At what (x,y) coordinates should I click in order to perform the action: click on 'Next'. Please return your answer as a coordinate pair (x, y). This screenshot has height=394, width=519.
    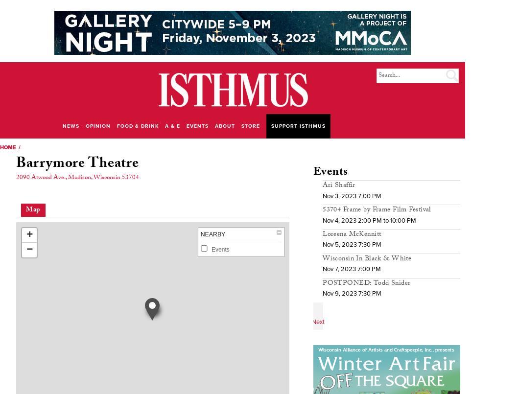
    Looking at the image, I should click on (318, 321).